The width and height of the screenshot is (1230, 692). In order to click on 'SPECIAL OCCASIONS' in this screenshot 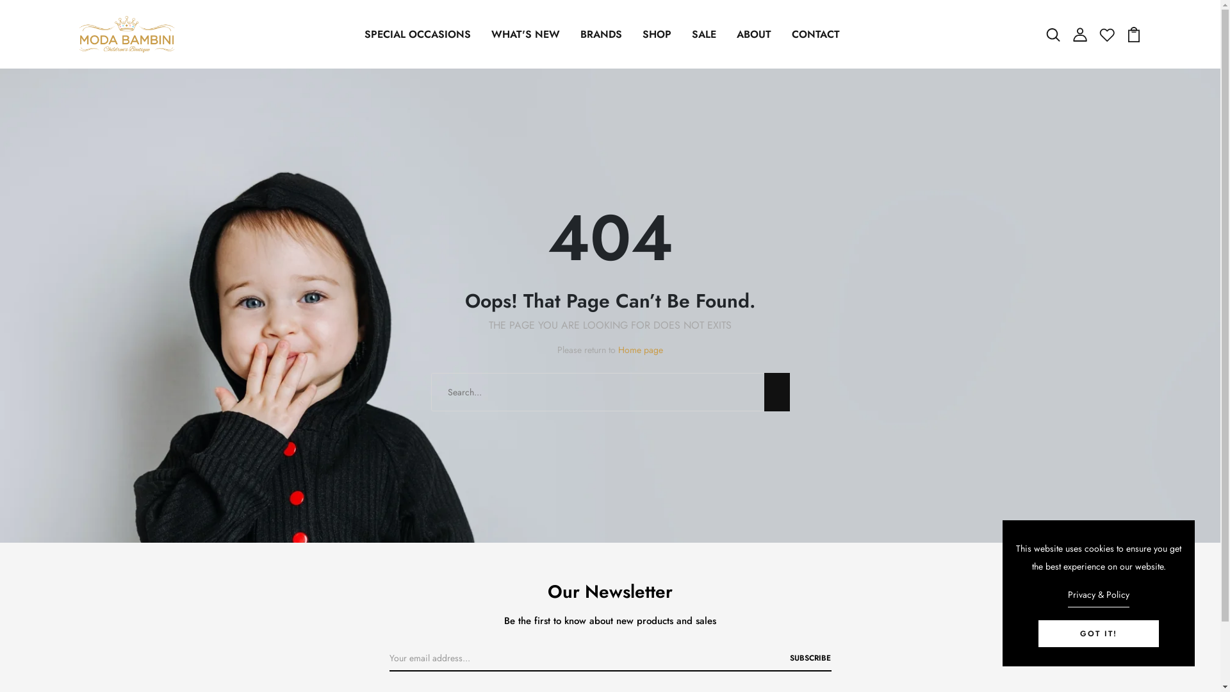, I will do `click(418, 34)`.